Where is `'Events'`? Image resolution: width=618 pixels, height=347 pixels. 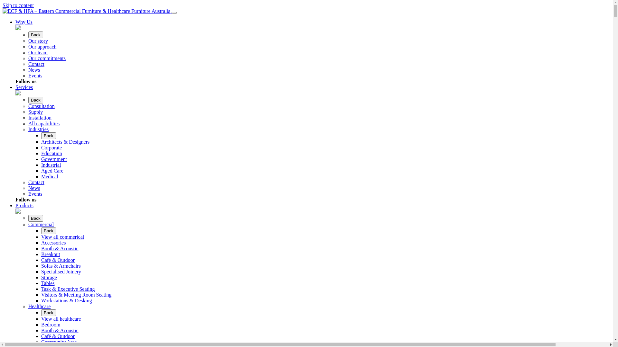 'Events' is located at coordinates (28, 75).